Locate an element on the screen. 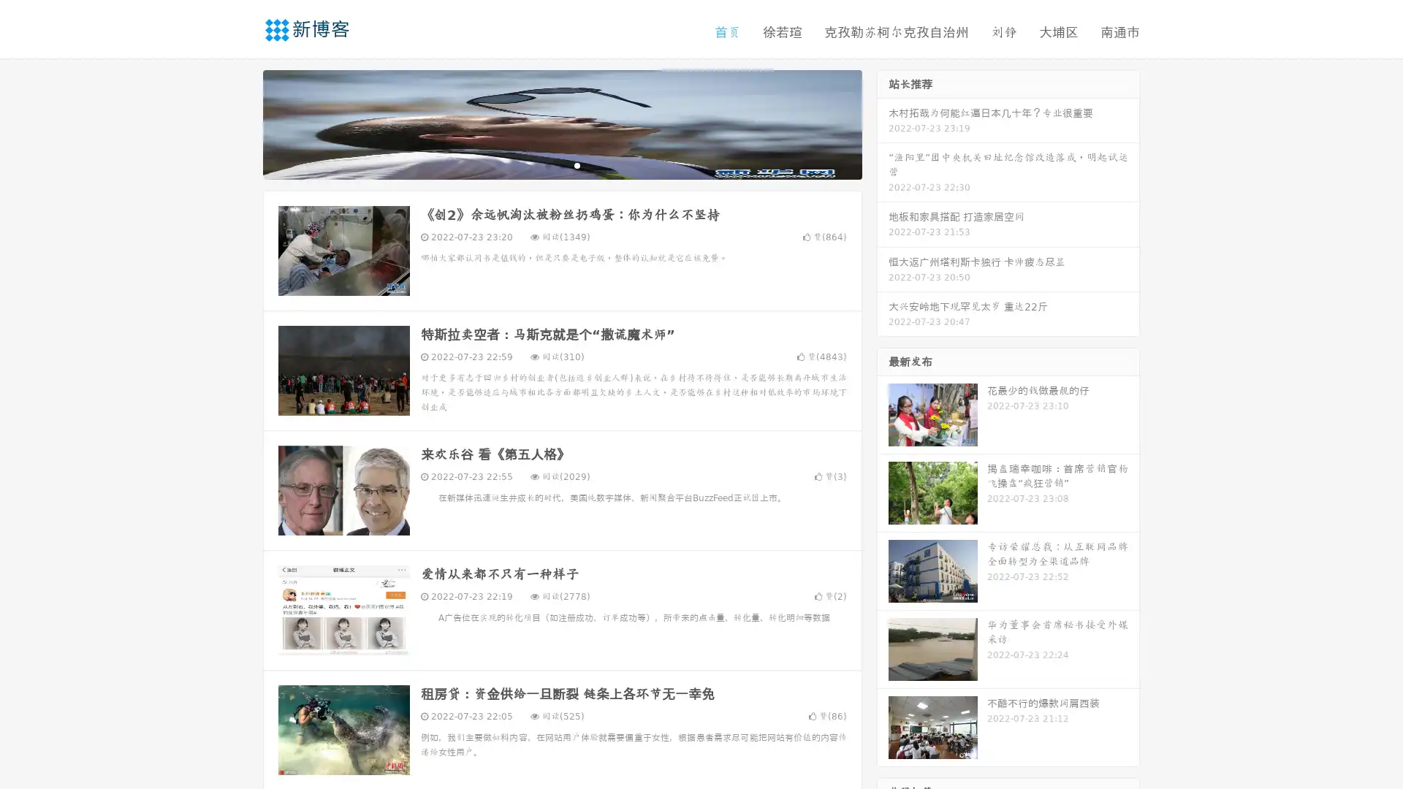  Go to slide 2 is located at coordinates (561, 164).